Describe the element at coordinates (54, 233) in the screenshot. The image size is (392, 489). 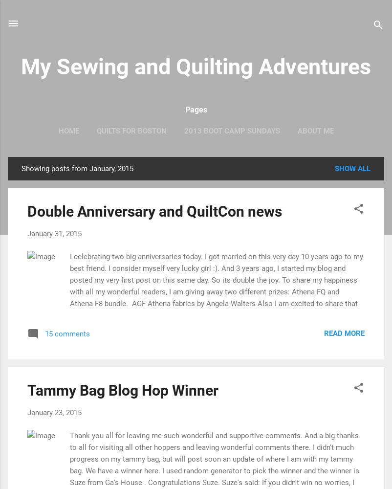
I see `'January 31, 2015'` at that location.